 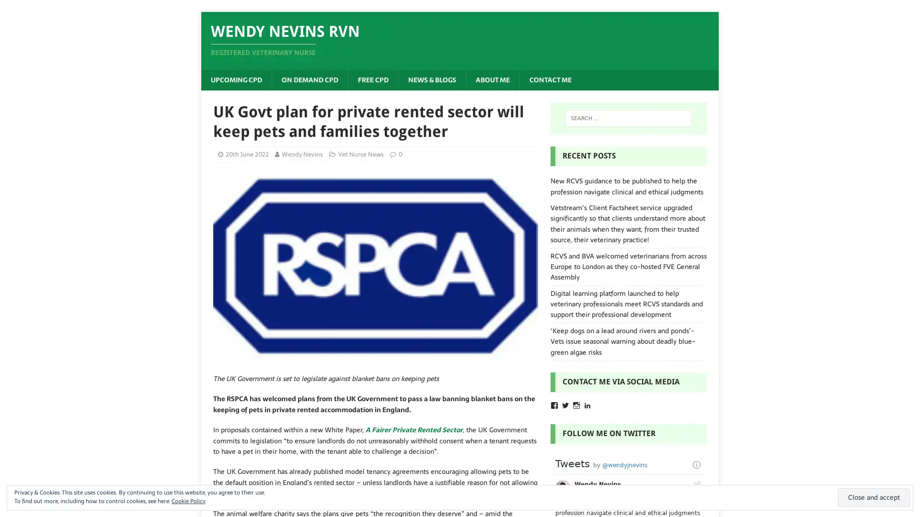 I want to click on Close and accept, so click(x=874, y=497).